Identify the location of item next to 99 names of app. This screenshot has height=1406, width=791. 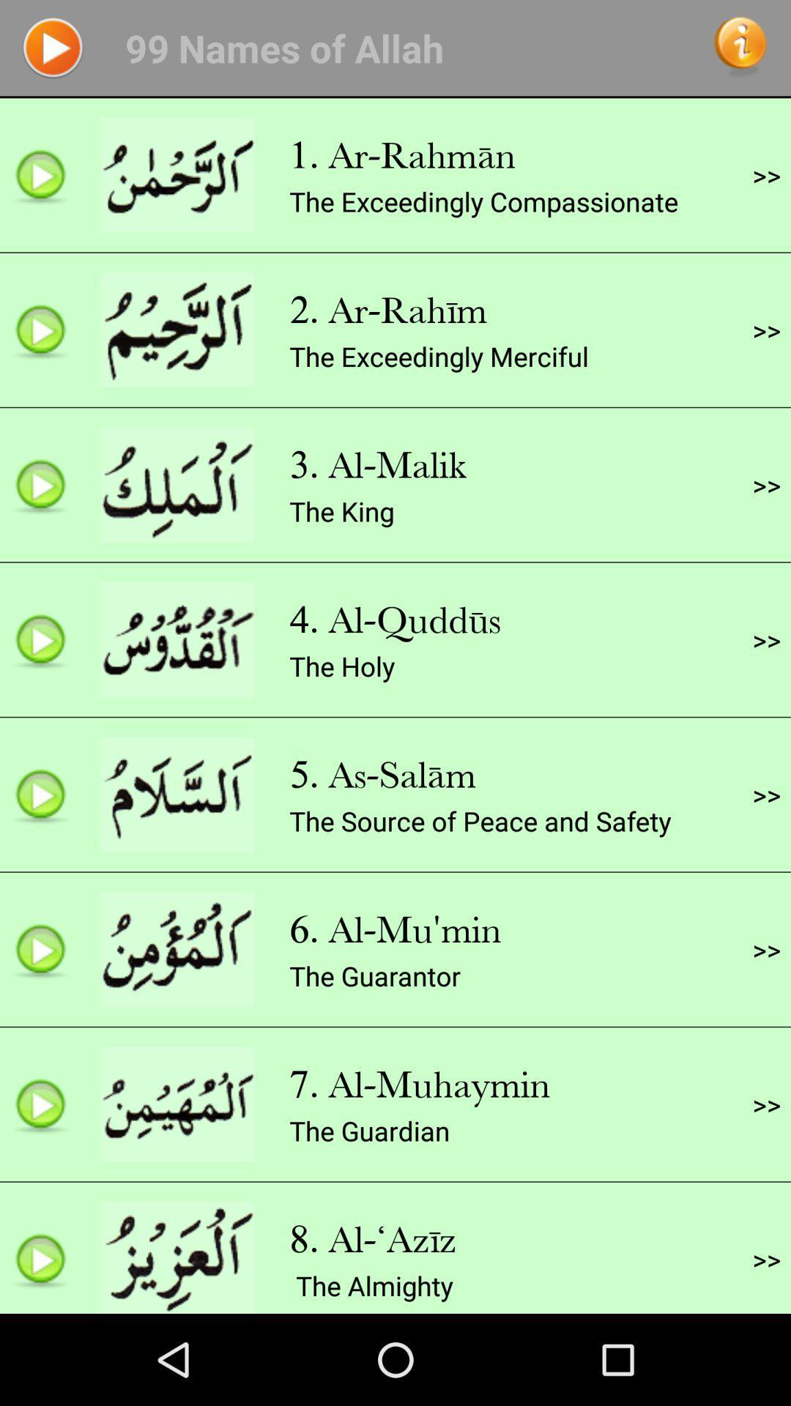
(52, 48).